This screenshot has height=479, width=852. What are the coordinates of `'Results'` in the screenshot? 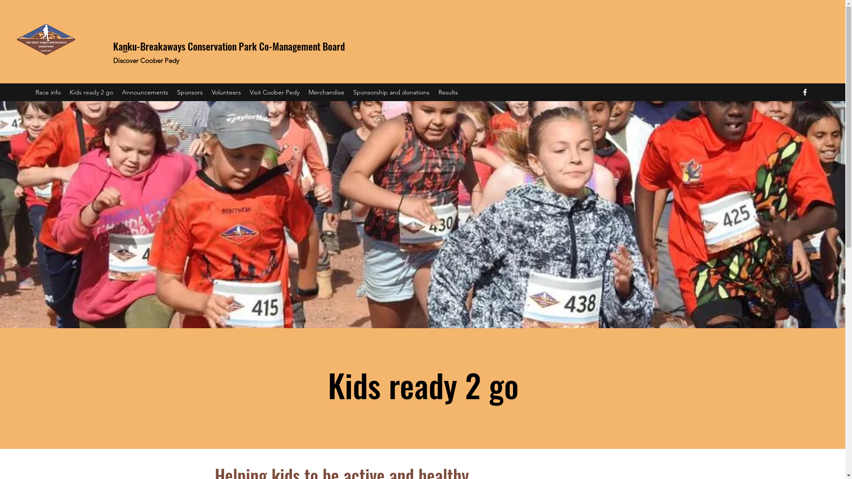 It's located at (448, 92).